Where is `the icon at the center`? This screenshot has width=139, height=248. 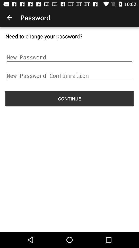 the icon at the center is located at coordinates (69, 98).